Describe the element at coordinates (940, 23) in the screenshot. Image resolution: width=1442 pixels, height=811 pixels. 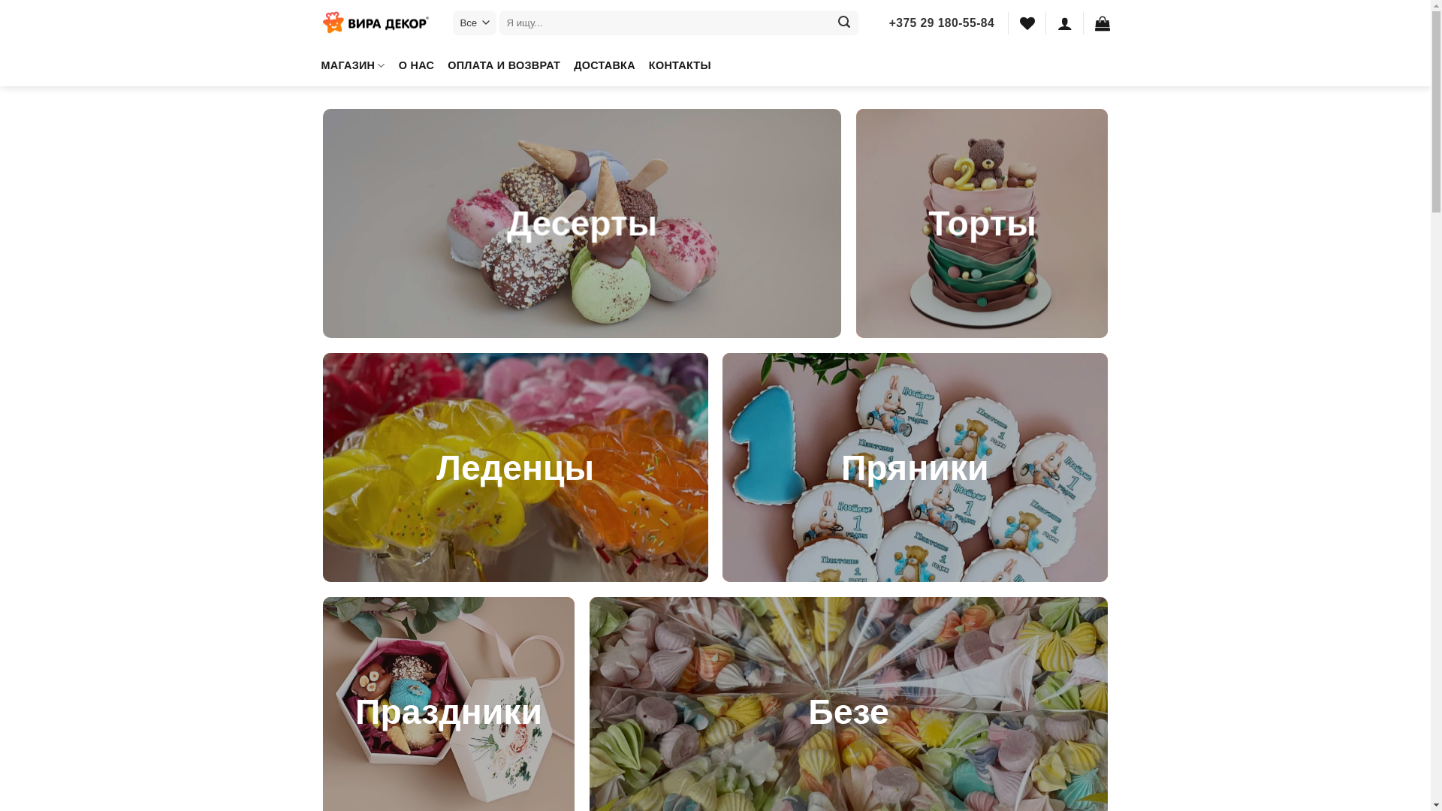
I see `'+375 29 180-55-84'` at that location.